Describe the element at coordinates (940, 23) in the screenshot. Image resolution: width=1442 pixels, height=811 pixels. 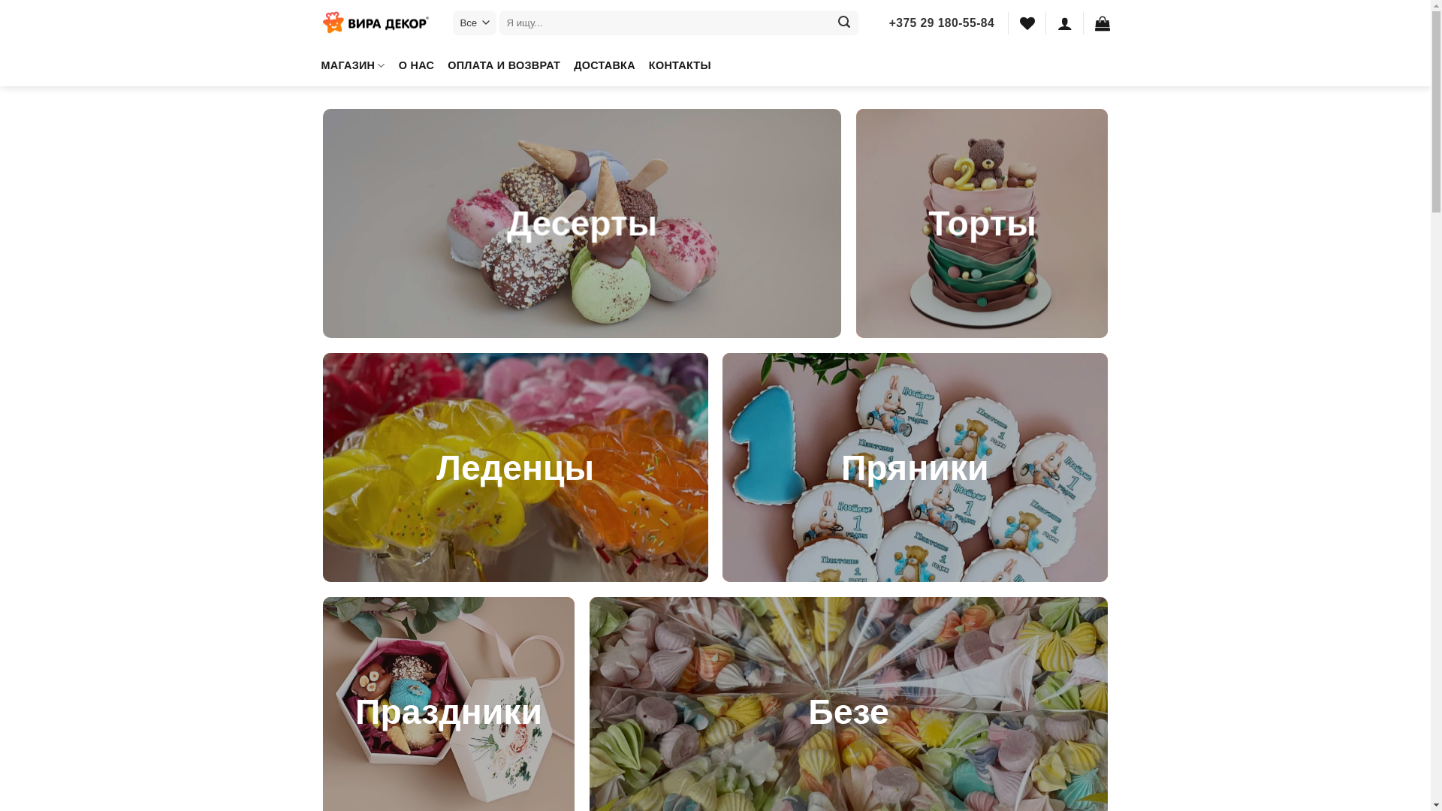
I see `'+375 29 180-55-84'` at that location.